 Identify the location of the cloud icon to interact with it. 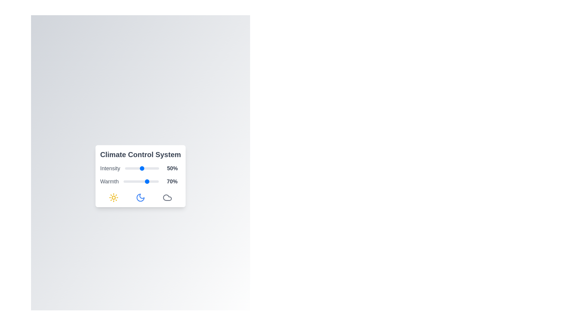
(167, 198).